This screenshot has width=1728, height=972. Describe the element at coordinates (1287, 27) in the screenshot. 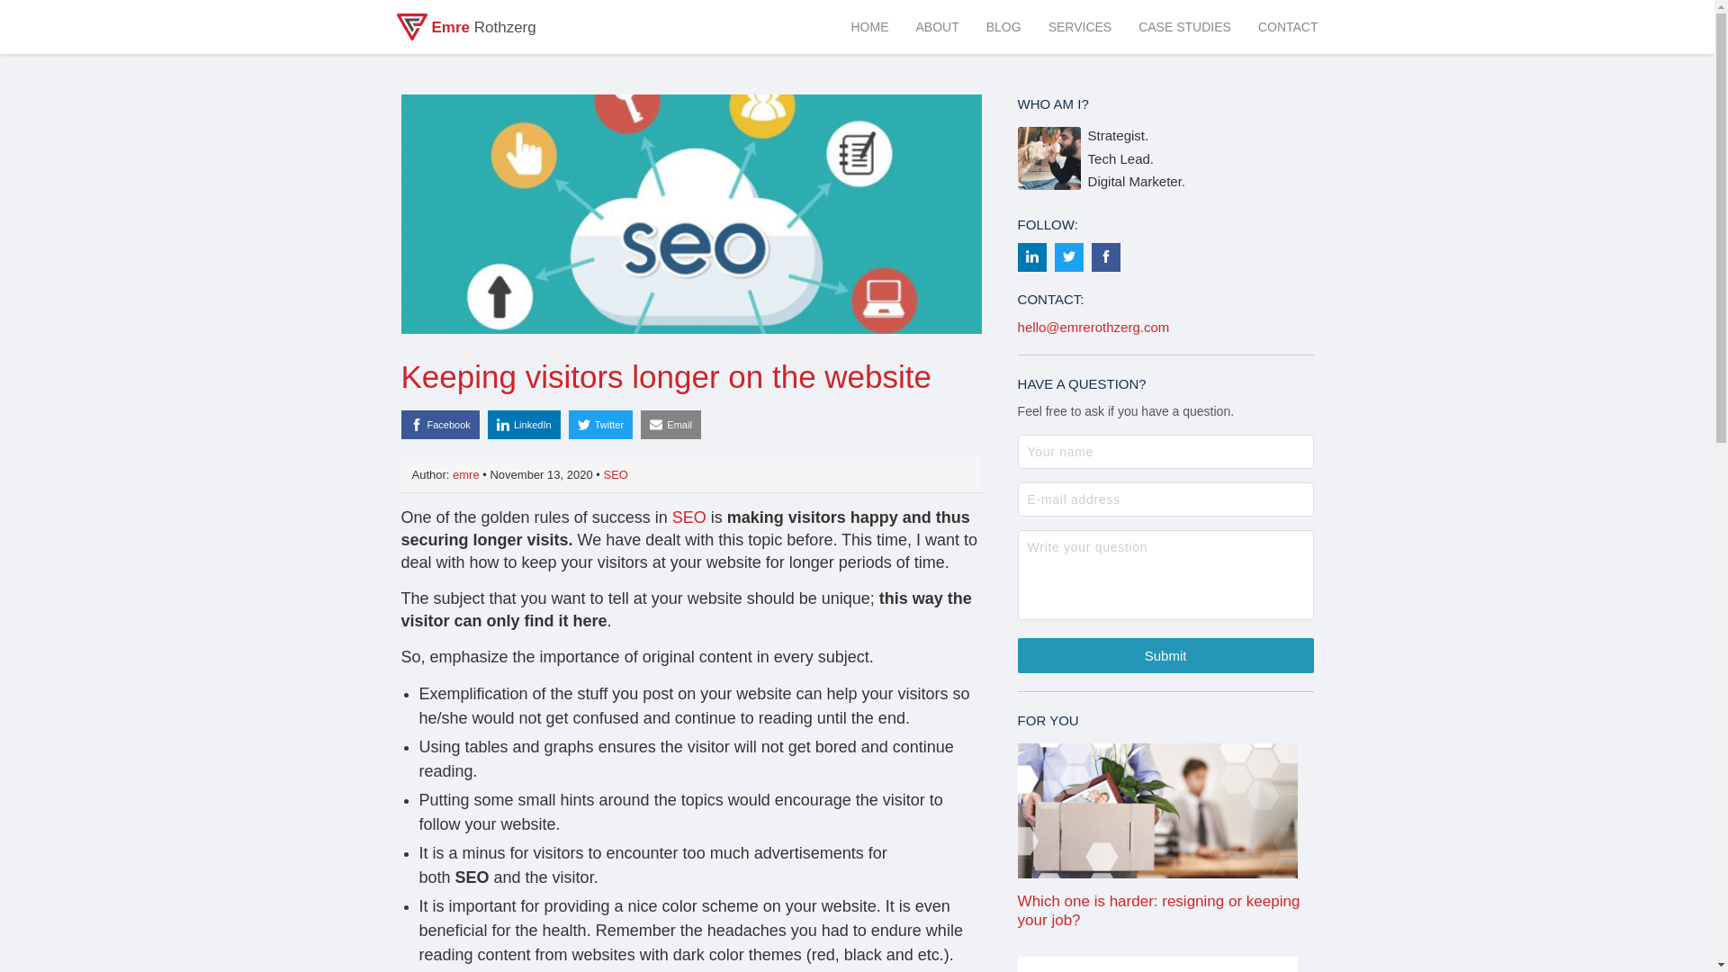

I see `'CONTACT'` at that location.